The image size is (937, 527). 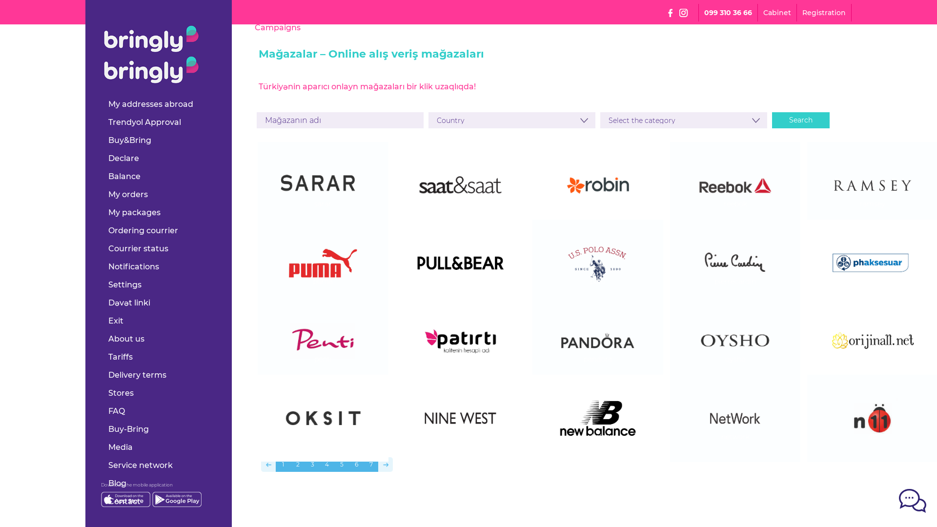 I want to click on 'Registration', so click(x=802, y=13).